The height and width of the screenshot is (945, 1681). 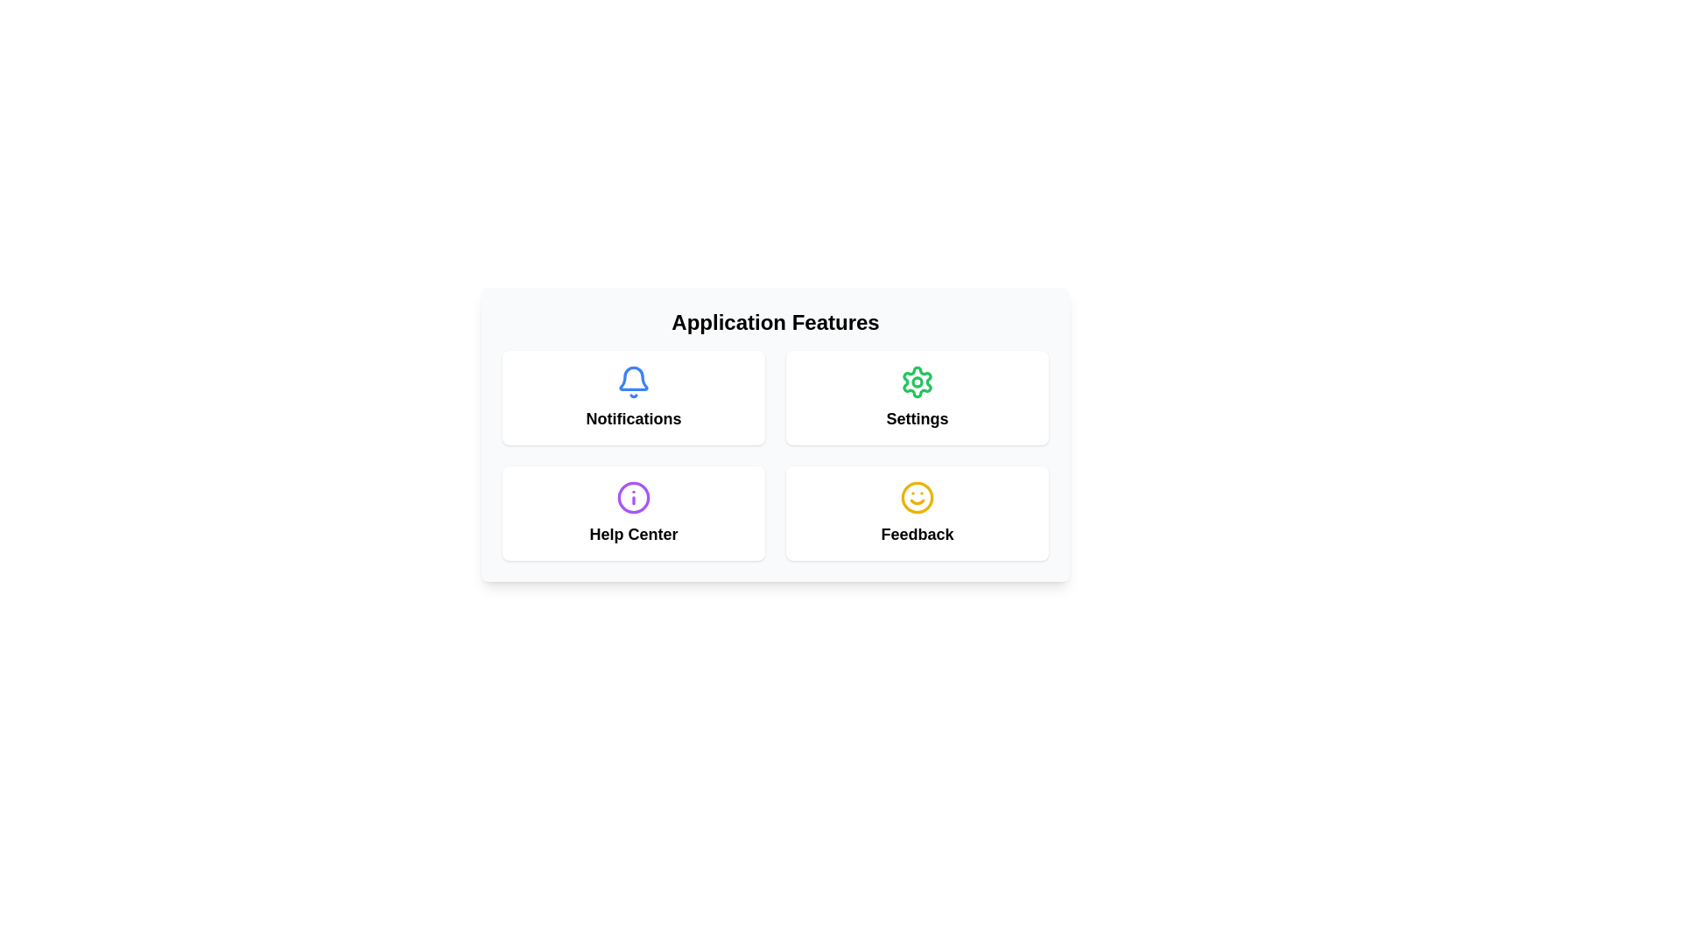 What do you see at coordinates (633, 512) in the screenshot?
I see `the Help Center Card component, which includes an icon and label` at bounding box center [633, 512].